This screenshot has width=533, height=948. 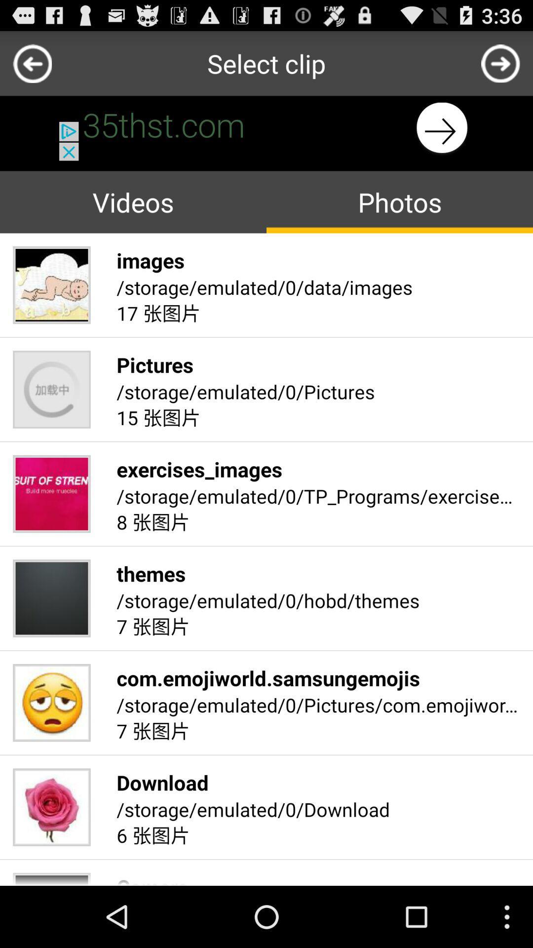 What do you see at coordinates (32, 67) in the screenshot?
I see `the arrow_backward icon` at bounding box center [32, 67].